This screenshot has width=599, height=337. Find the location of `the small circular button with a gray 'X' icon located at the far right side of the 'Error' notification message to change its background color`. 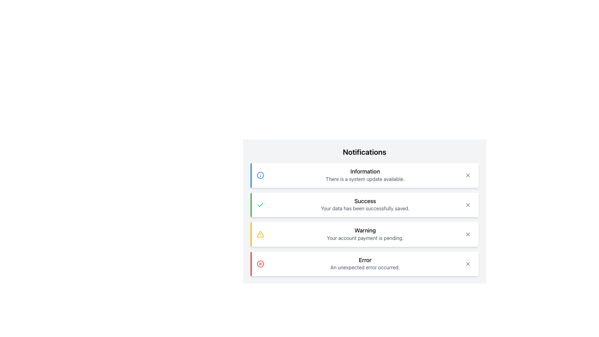

the small circular button with a gray 'X' icon located at the far right side of the 'Error' notification message to change its background color is located at coordinates (468, 263).